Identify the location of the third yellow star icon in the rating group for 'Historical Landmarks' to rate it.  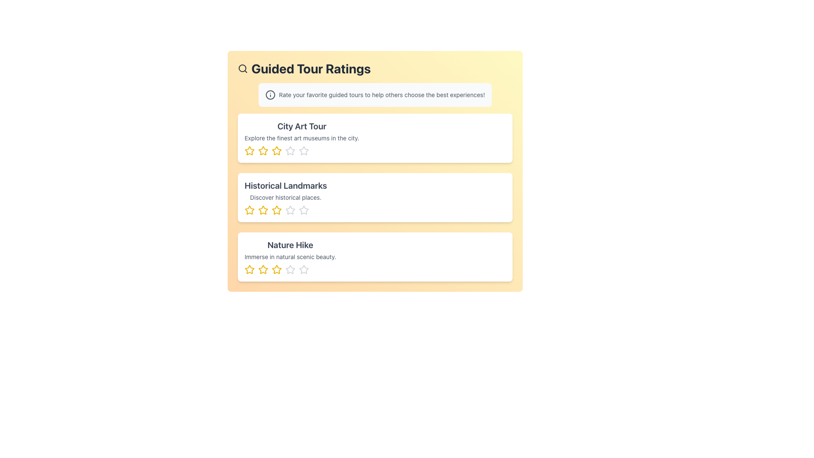
(276, 210).